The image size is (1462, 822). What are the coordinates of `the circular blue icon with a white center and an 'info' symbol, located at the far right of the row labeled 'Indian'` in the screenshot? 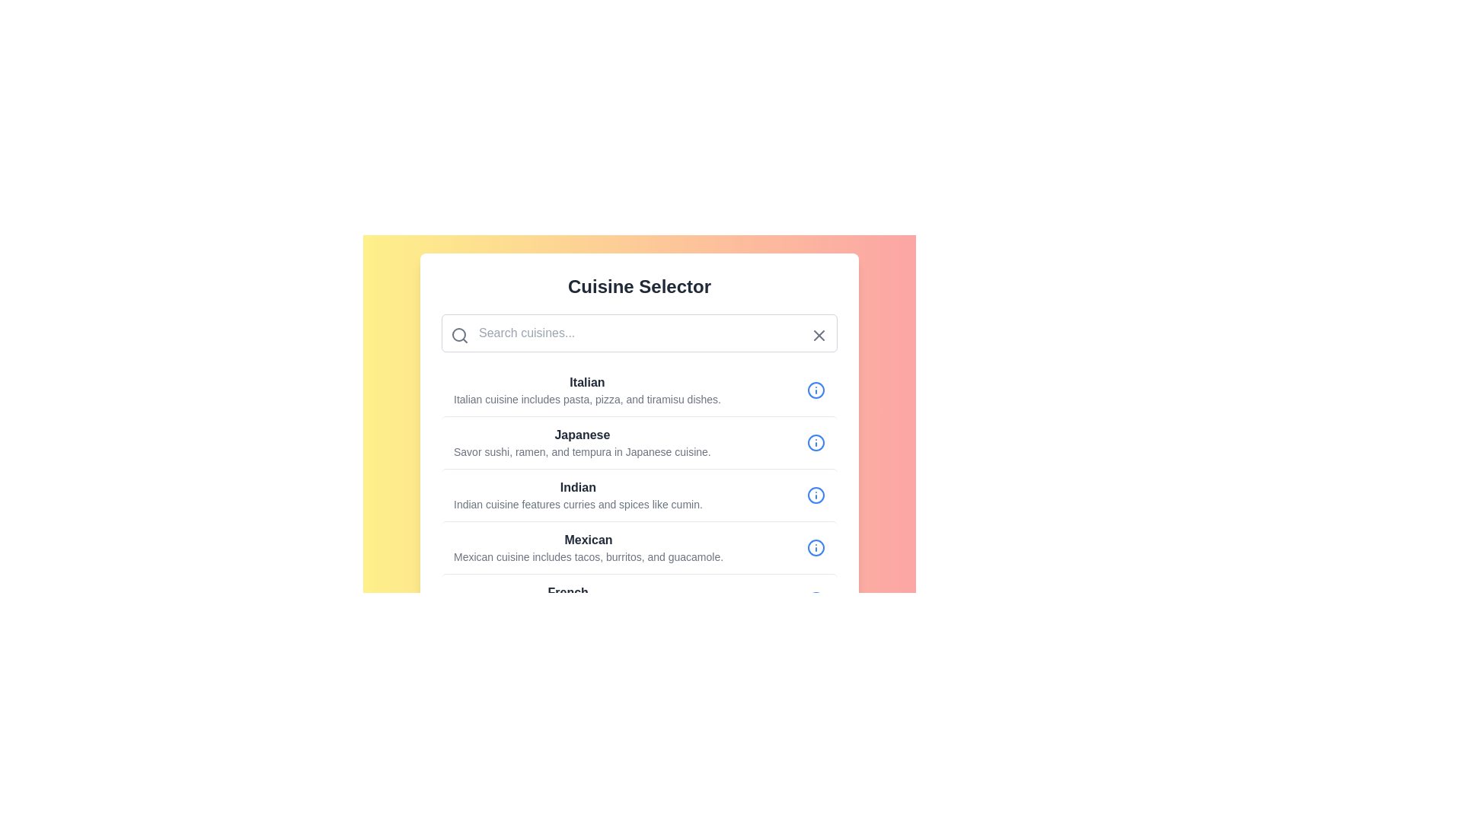 It's located at (815, 495).